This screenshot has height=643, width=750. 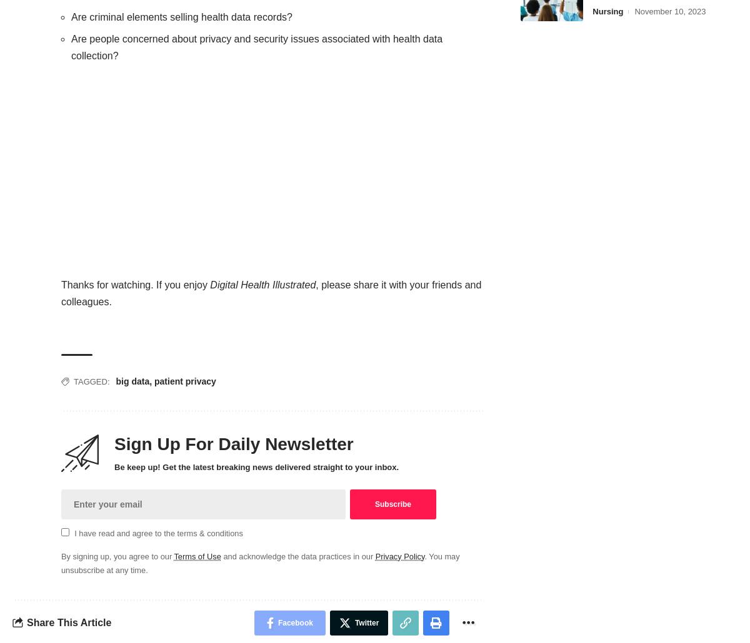 I want to click on 'big data', so click(x=132, y=380).